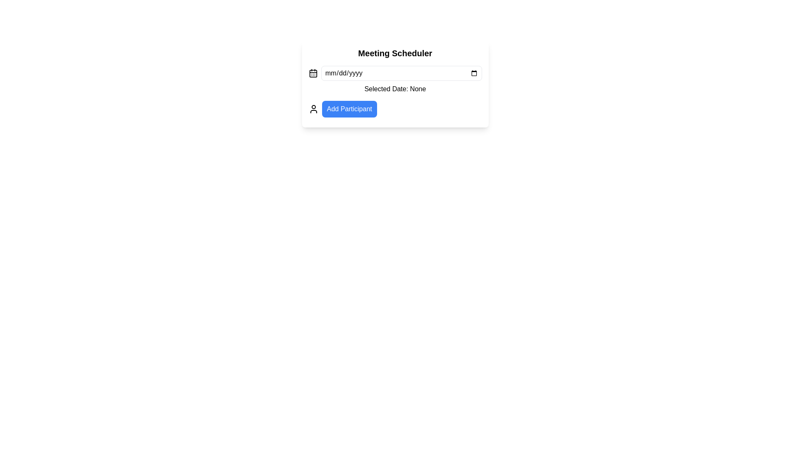 The image size is (800, 450). I want to click on the rectangular 'Add Participant' button with a blue background and white text, so click(349, 109).